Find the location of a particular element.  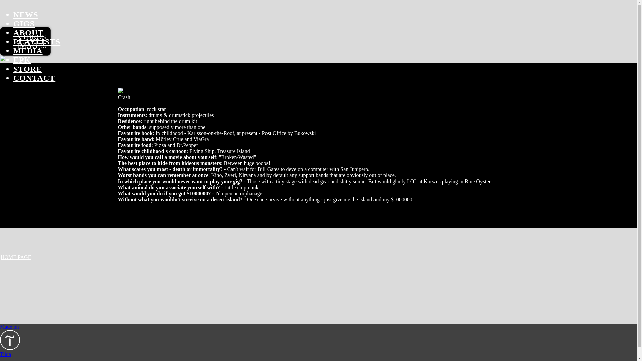

'IMAGES' is located at coordinates (32, 45).